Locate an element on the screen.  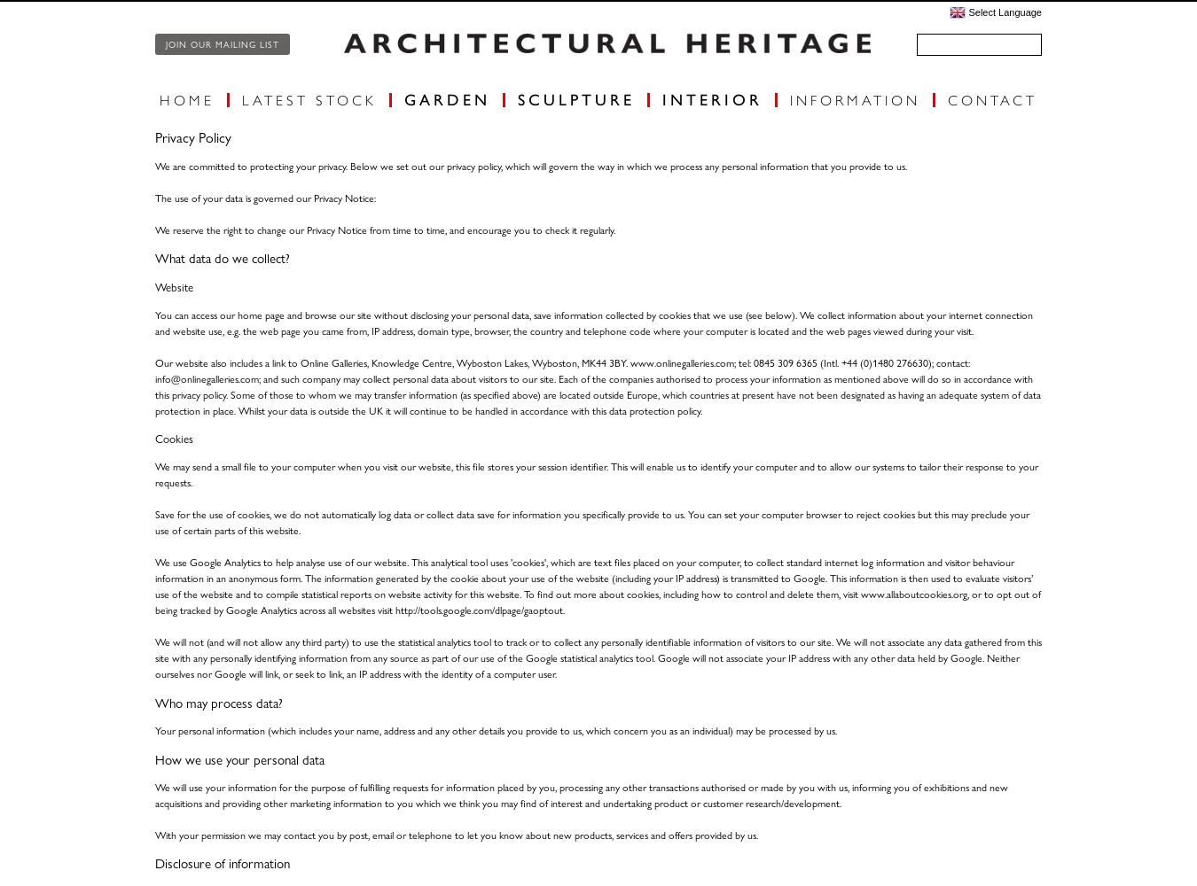
'We will not (and will not allow any third party) to use the statistical analytics tool to track
or to collect any personally identifiable information of visitors to our site. We will not
associate any data gathered from this site with any personally identifying information from any
source as part of our use of the Google statistical analytics tool. Google will not associate
your IP address with any other data held by Google. Neither ourselves nor Google will link, or
seek to link, an IP address with the identity of a computer user.' is located at coordinates (598, 657).